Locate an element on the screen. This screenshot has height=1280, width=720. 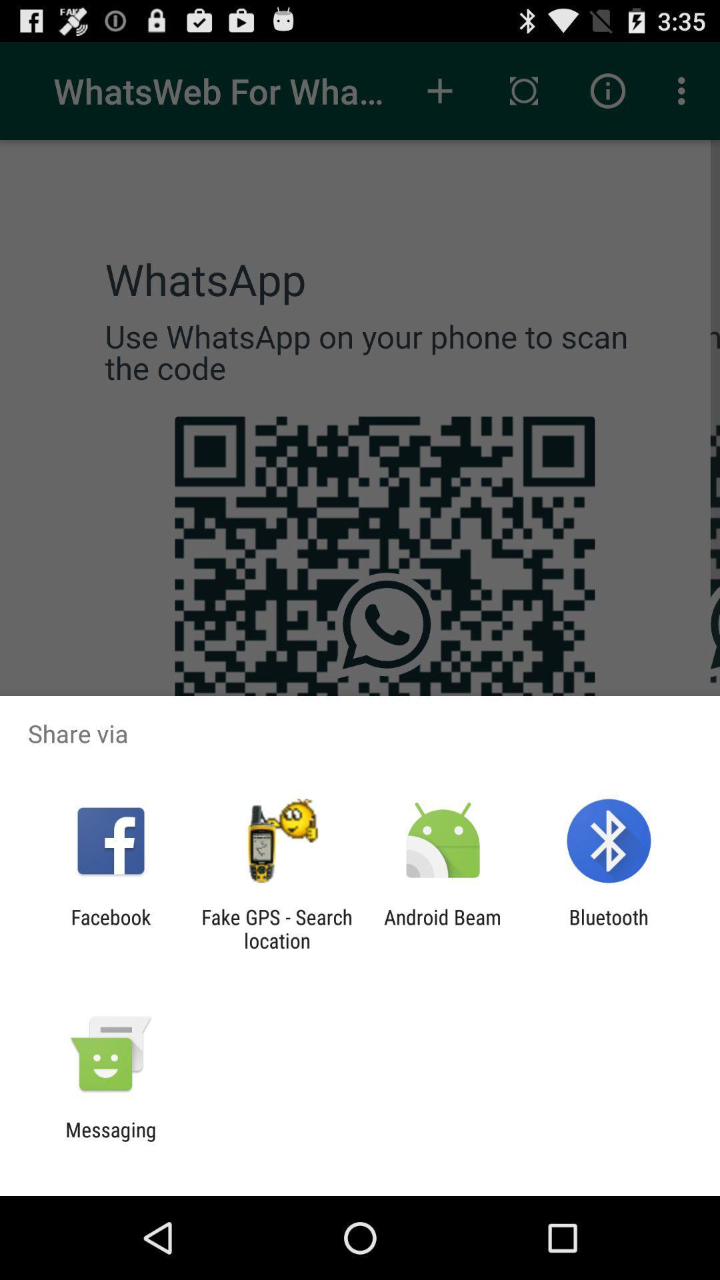
icon next to the bluetooth item is located at coordinates (443, 928).